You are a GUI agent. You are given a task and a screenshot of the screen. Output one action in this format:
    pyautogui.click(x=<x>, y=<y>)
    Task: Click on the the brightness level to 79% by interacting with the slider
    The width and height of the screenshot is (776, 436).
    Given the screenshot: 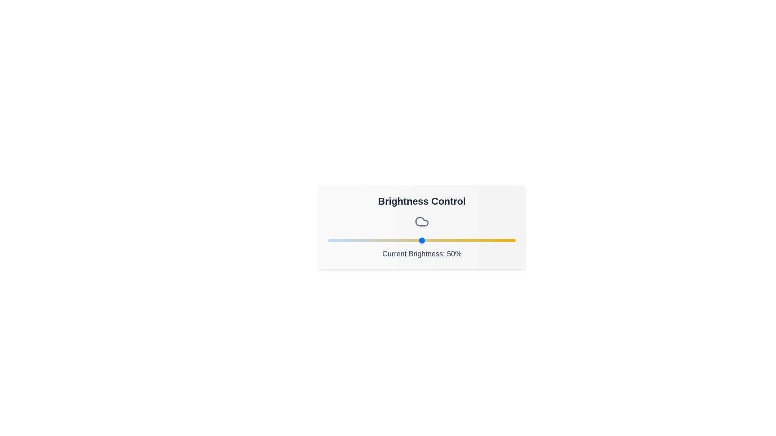 What is the action you would take?
    pyautogui.click(x=476, y=240)
    